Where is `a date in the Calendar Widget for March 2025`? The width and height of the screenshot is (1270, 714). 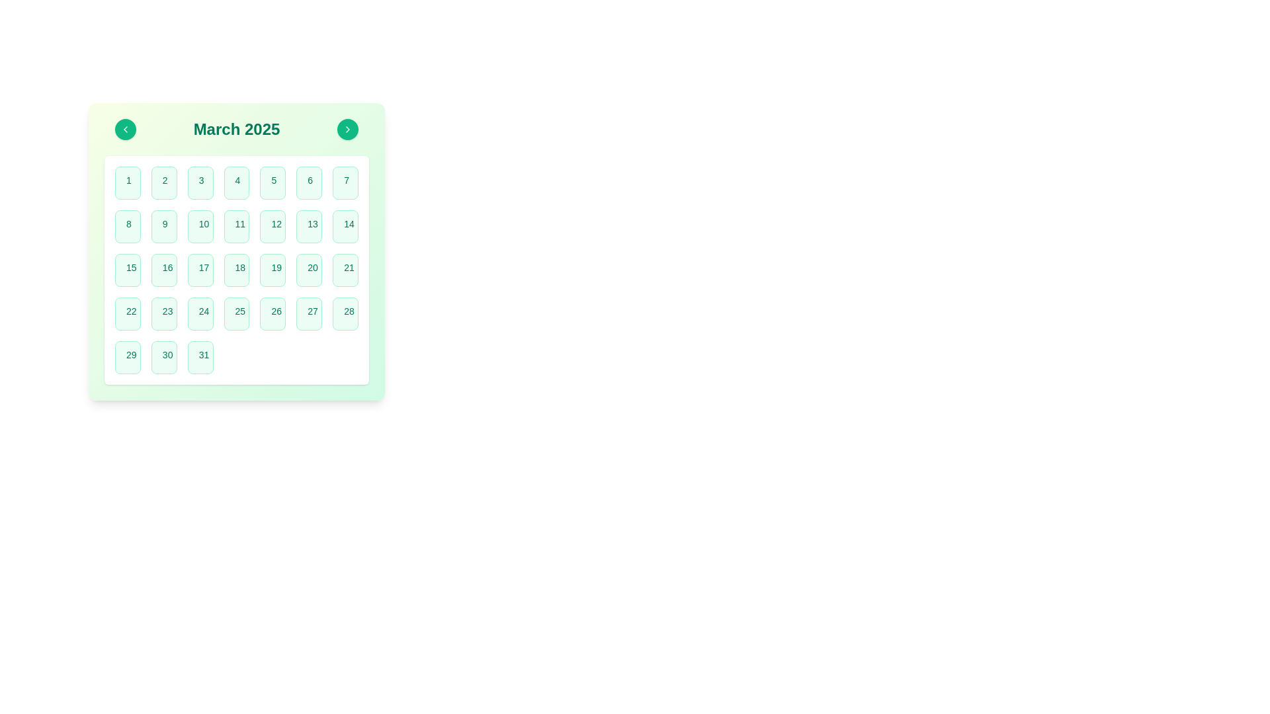
a date in the Calendar Widget for March 2025 is located at coordinates (237, 252).